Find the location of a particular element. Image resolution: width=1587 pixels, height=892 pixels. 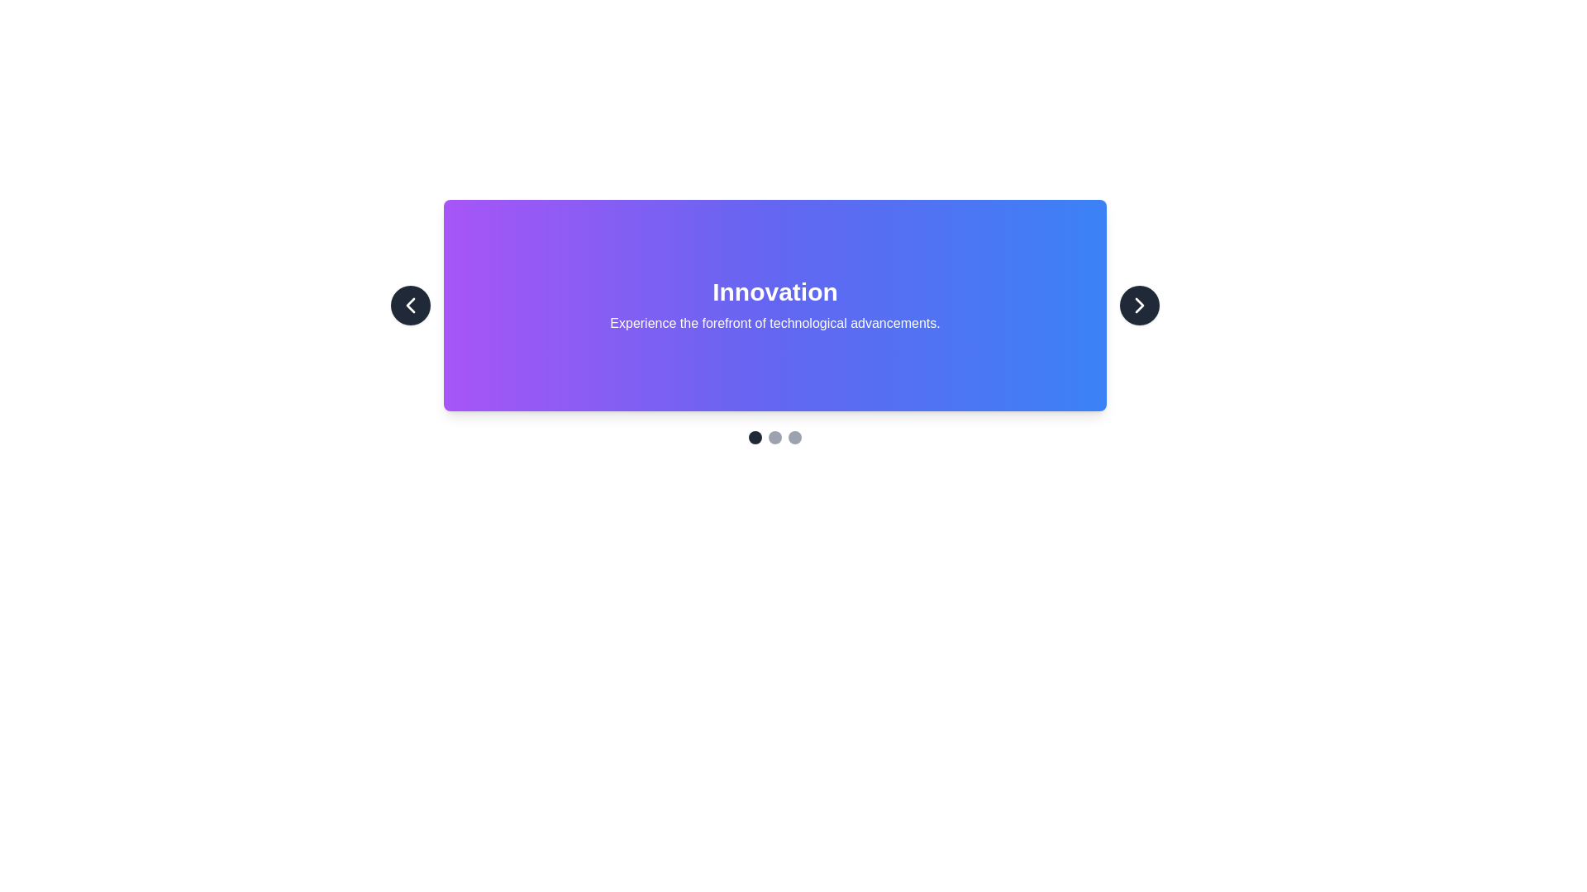

the center gray circular navigation indicator is located at coordinates (774, 436).